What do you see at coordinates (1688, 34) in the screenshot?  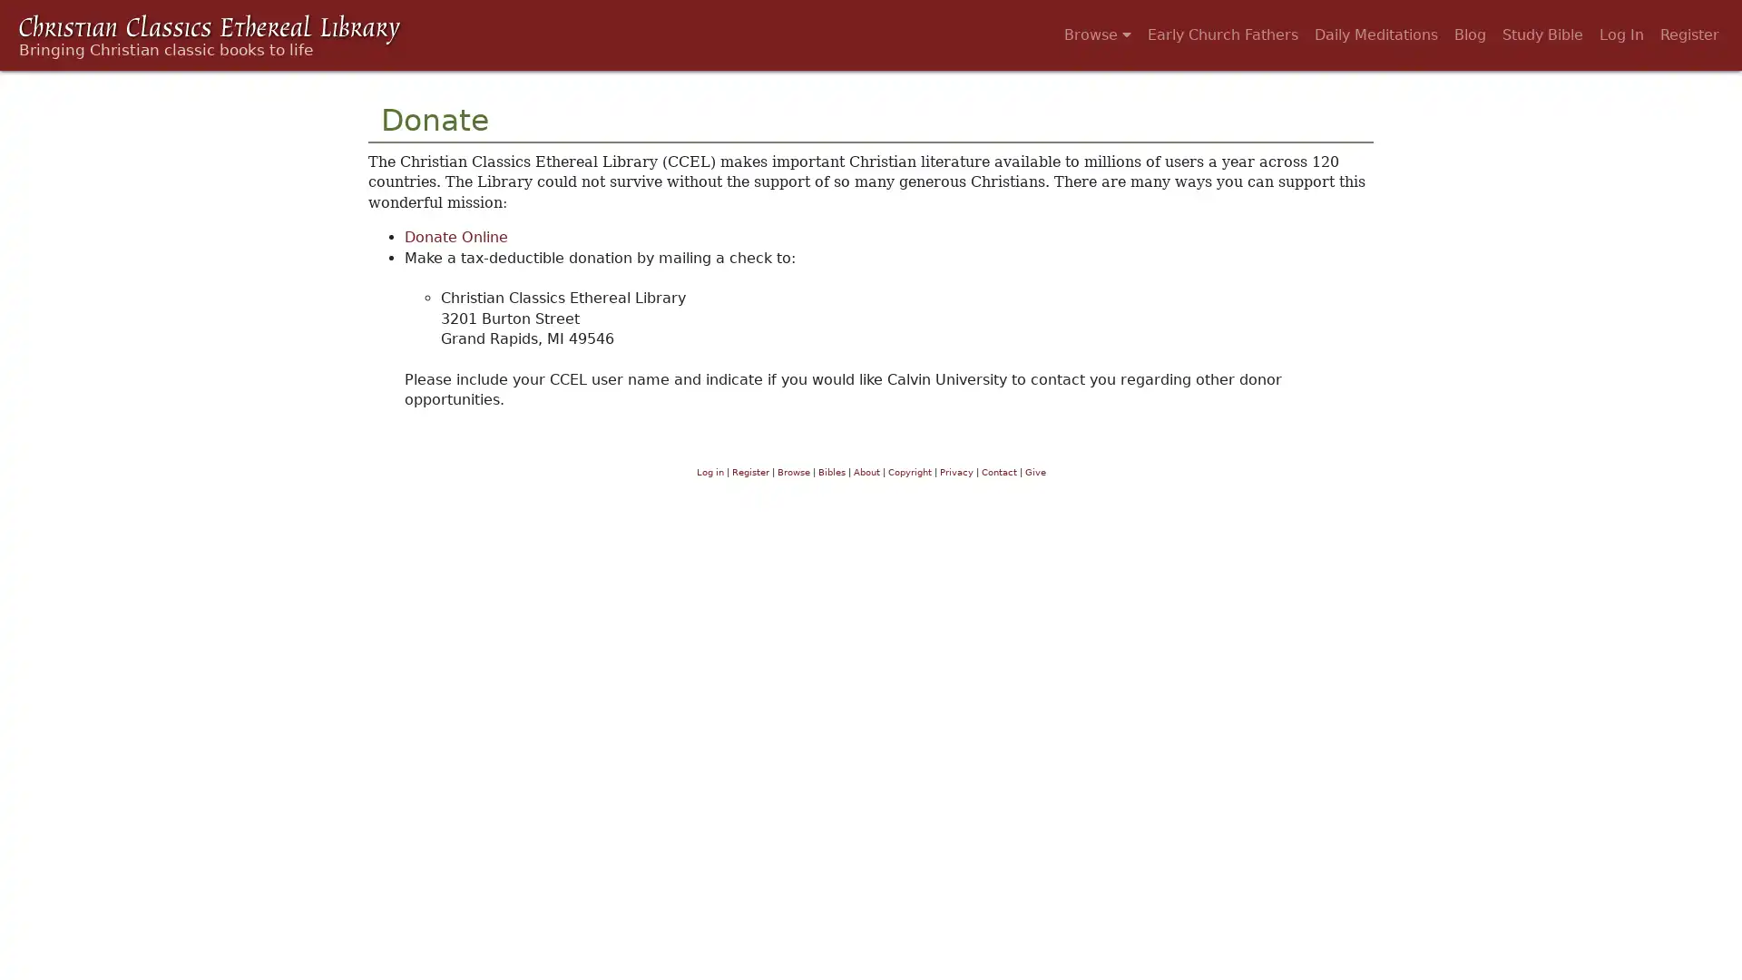 I see `Register` at bounding box center [1688, 34].